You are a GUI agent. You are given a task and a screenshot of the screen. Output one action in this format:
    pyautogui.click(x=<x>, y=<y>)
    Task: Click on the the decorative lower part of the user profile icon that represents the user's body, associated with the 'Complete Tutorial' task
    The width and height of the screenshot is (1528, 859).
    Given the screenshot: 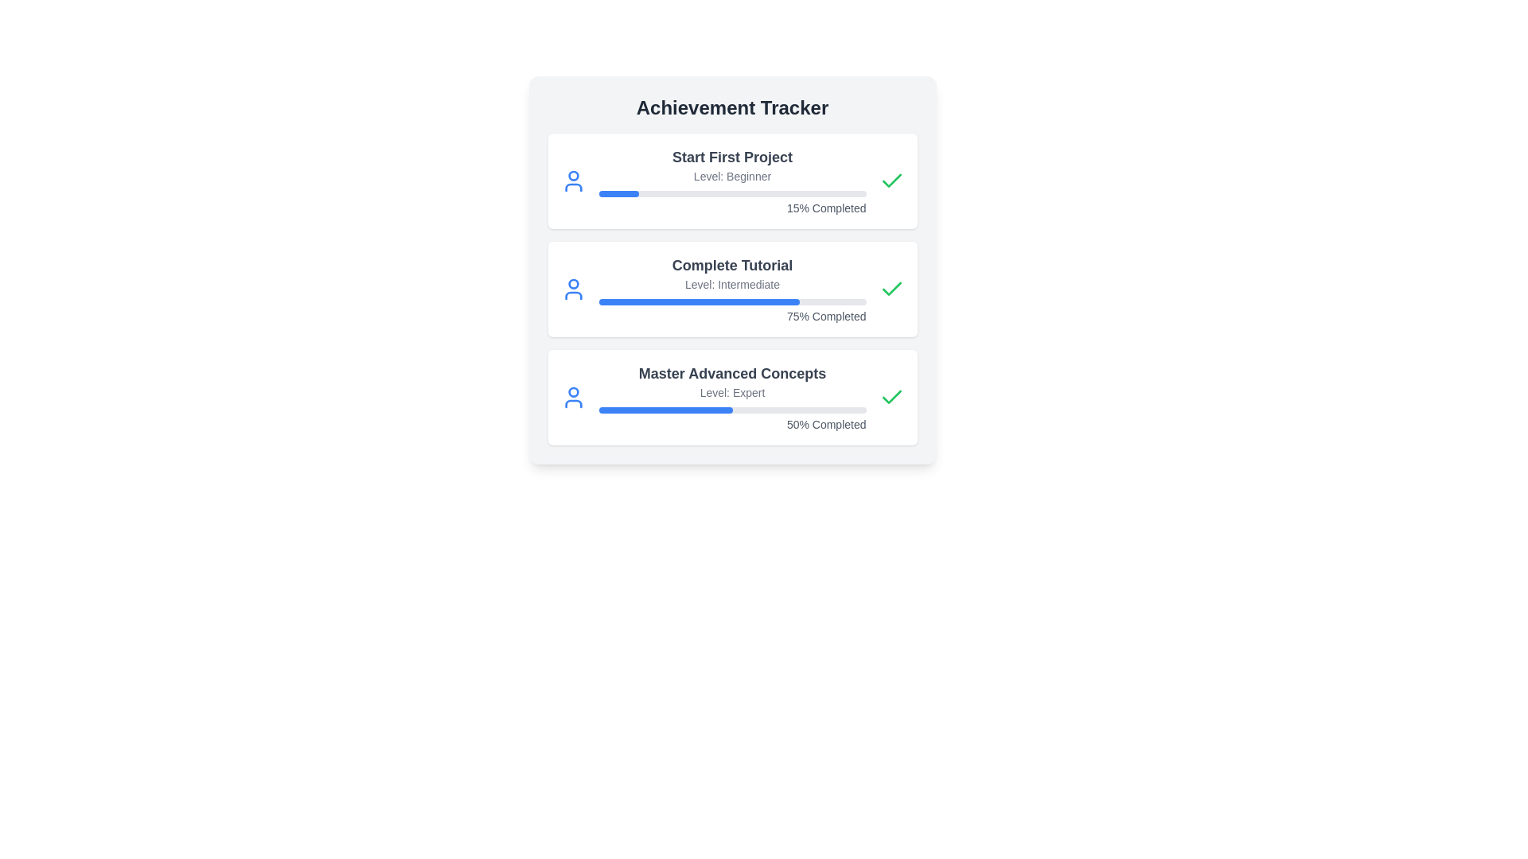 What is the action you would take?
    pyautogui.click(x=573, y=295)
    